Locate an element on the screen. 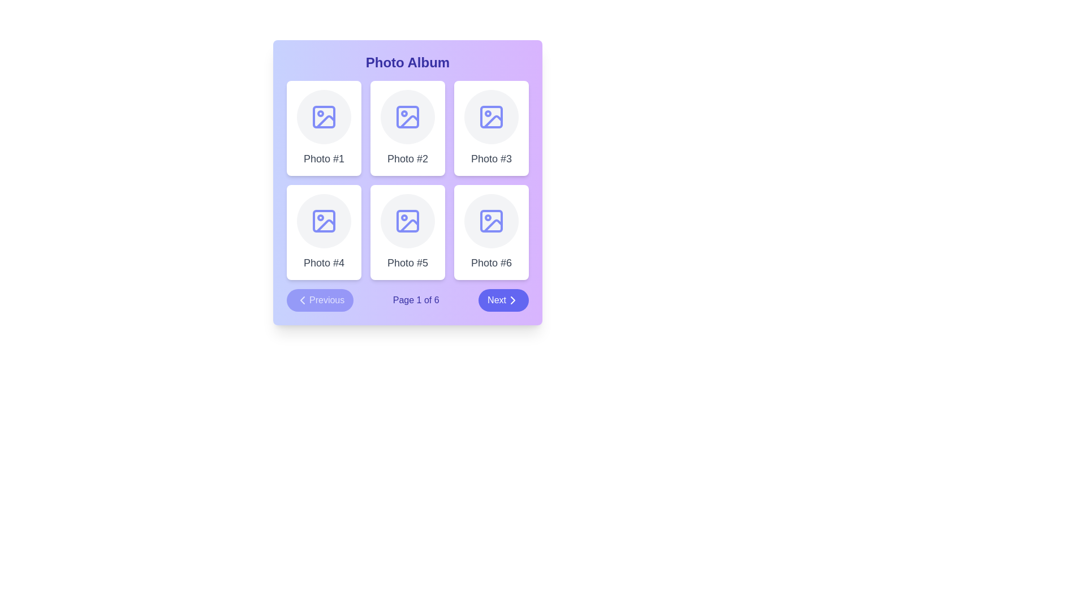 This screenshot has height=611, width=1086. the image icon in the third column of the first row of the 'Photo Album' interface, which is styled with a light purple color and a rounded rectangle frame is located at coordinates (491, 117).